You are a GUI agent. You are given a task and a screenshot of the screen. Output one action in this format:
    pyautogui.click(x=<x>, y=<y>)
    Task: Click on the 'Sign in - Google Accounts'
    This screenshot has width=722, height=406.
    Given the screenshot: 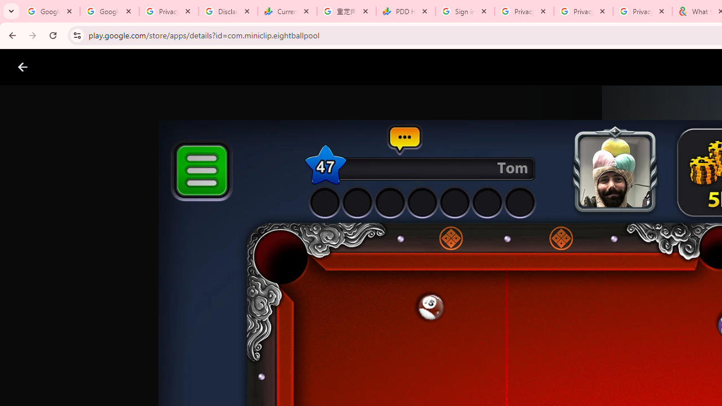 What is the action you would take?
    pyautogui.click(x=465, y=11)
    